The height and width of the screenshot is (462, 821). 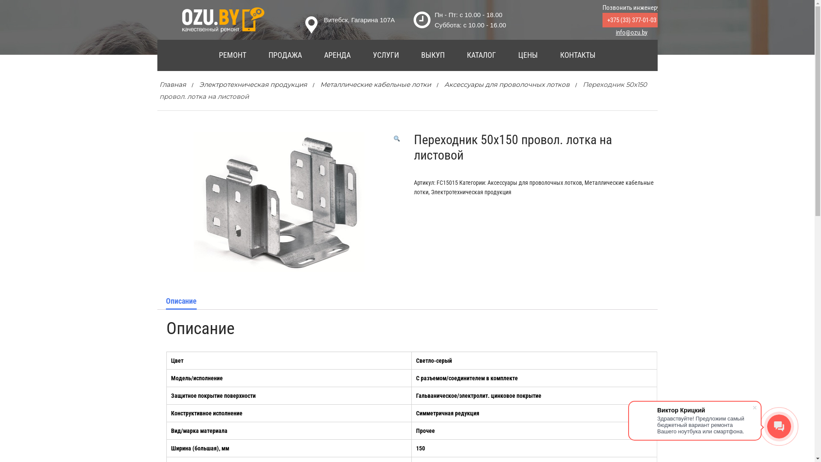 I want to click on 'info@ozu.by', so click(x=632, y=32).